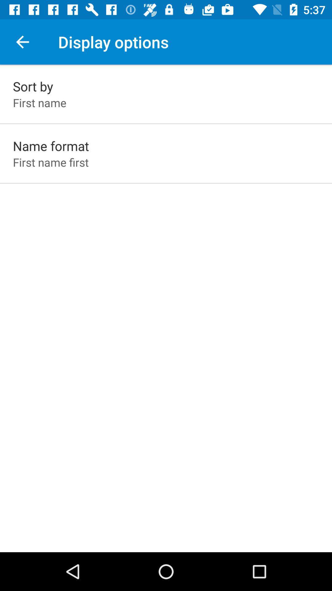  What do you see at coordinates (22, 42) in the screenshot?
I see `app above the sort by icon` at bounding box center [22, 42].